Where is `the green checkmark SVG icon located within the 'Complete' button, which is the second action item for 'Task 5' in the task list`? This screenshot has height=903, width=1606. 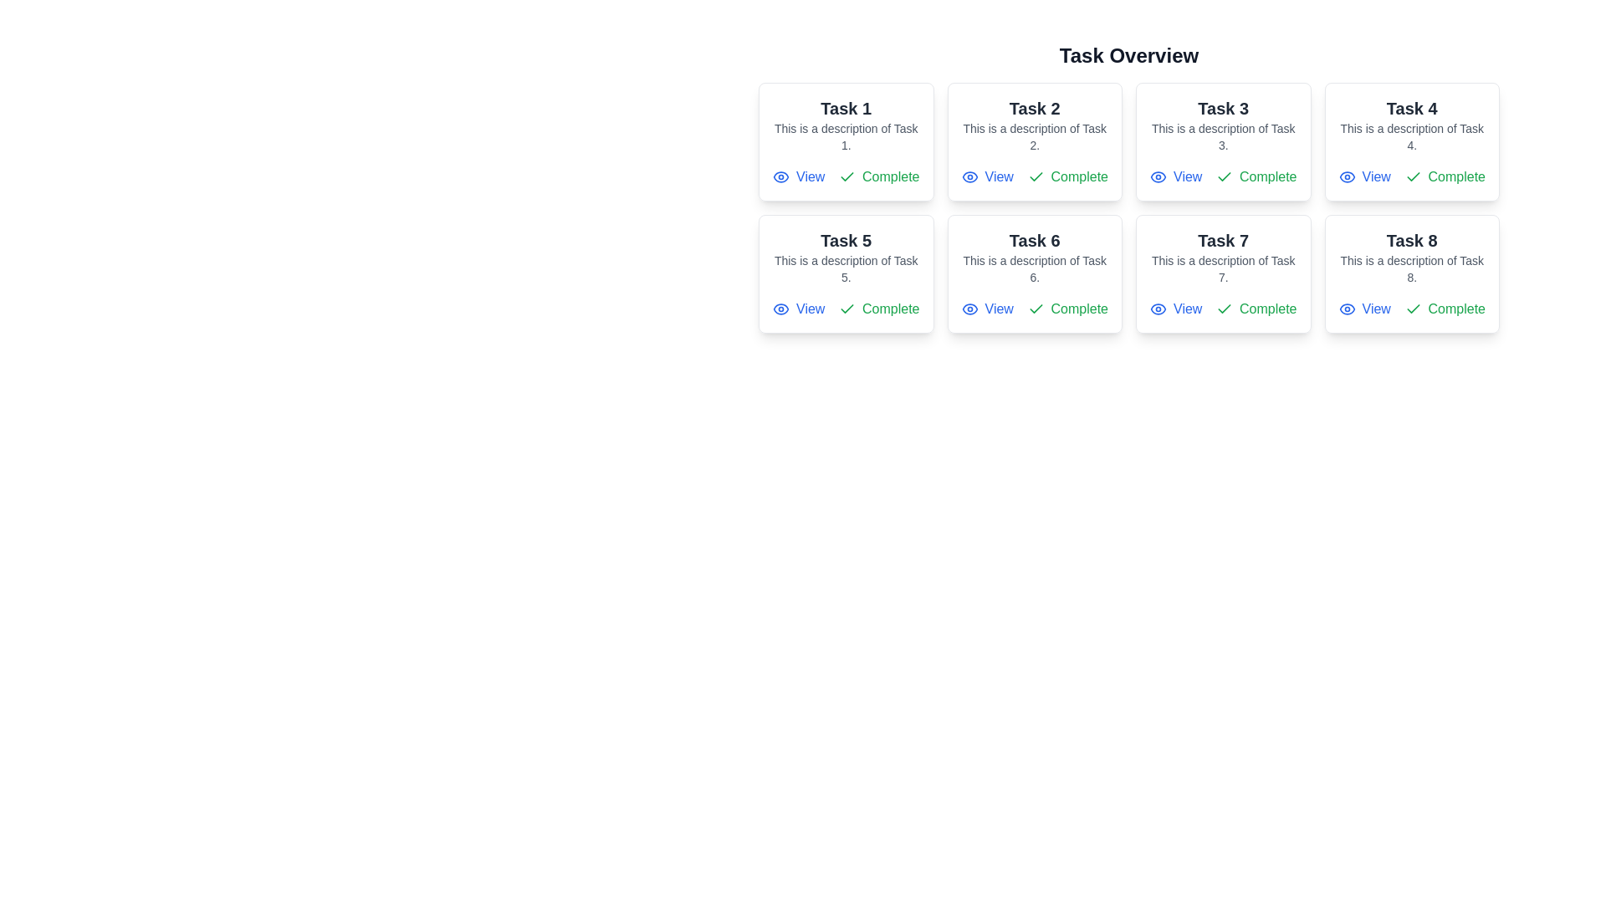
the green checkmark SVG icon located within the 'Complete' button, which is the second action item for 'Task 5' in the task list is located at coordinates (846, 309).